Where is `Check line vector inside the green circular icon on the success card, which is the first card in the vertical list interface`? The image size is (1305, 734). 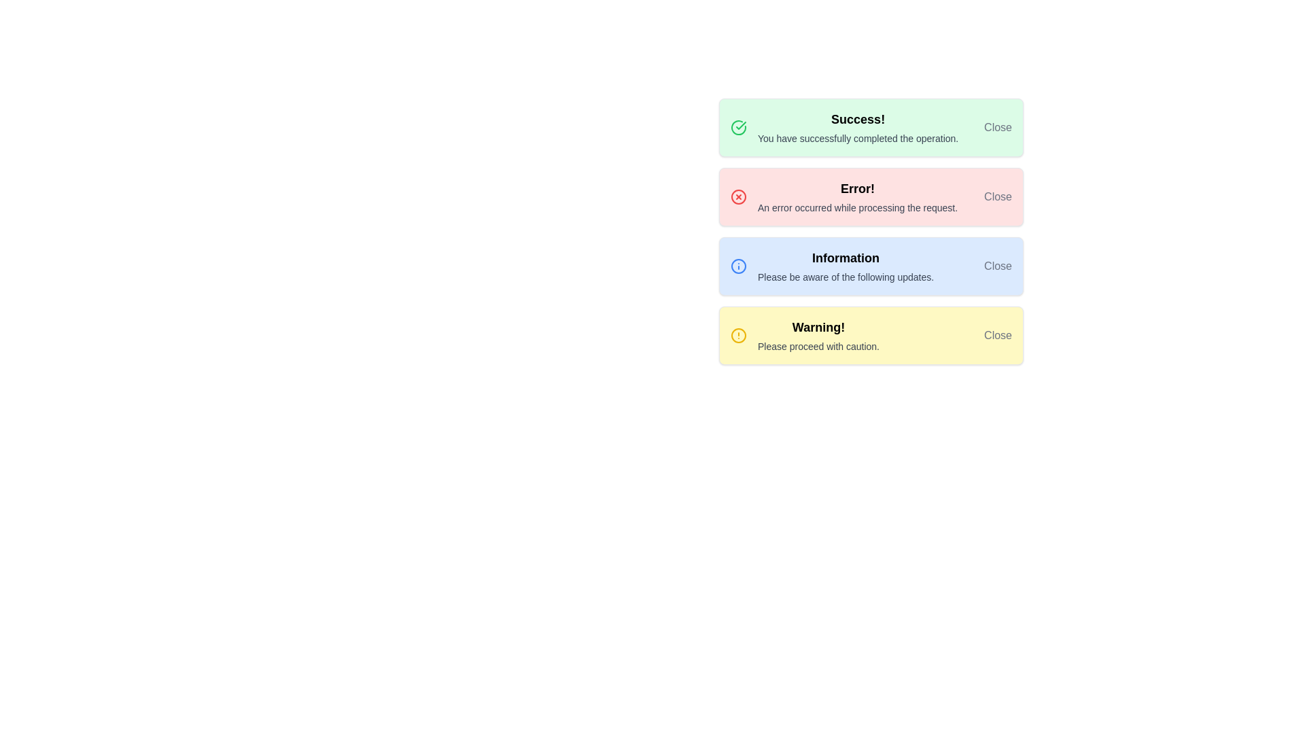 Check line vector inside the green circular icon on the success card, which is the first card in the vertical list interface is located at coordinates (740, 126).